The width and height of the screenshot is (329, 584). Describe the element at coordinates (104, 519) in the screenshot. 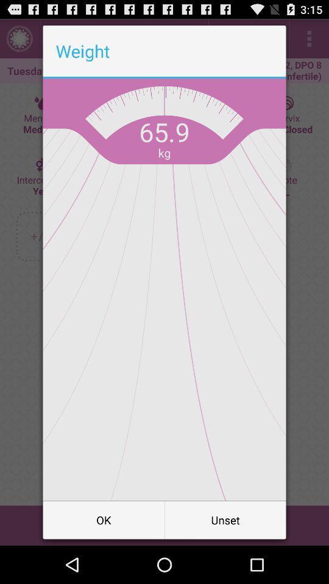

I see `ok item` at that location.